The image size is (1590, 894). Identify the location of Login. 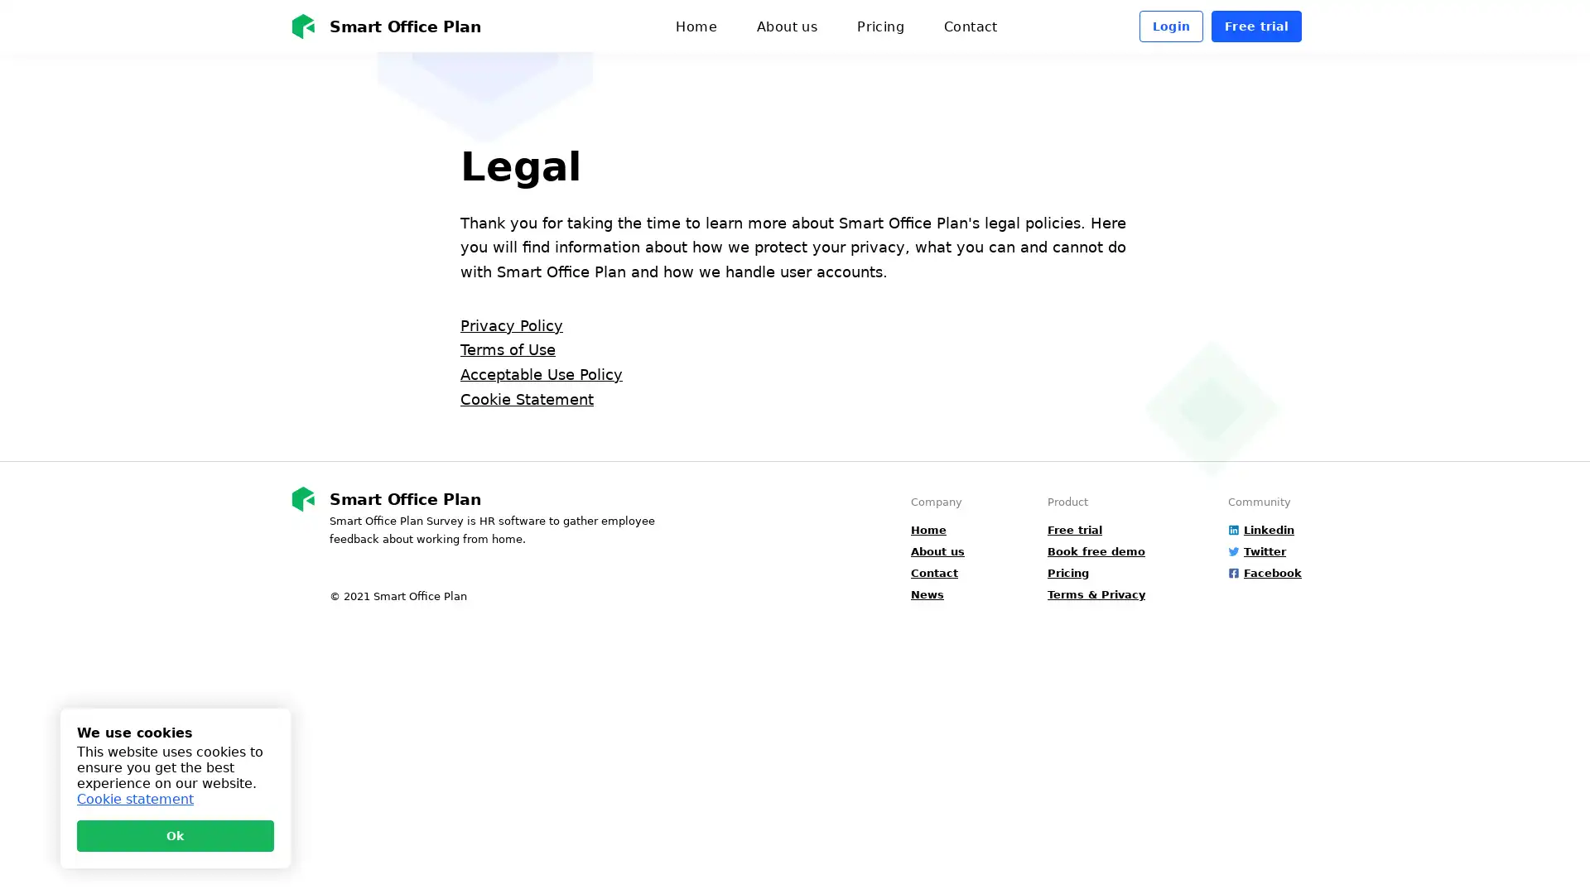
(1170, 25).